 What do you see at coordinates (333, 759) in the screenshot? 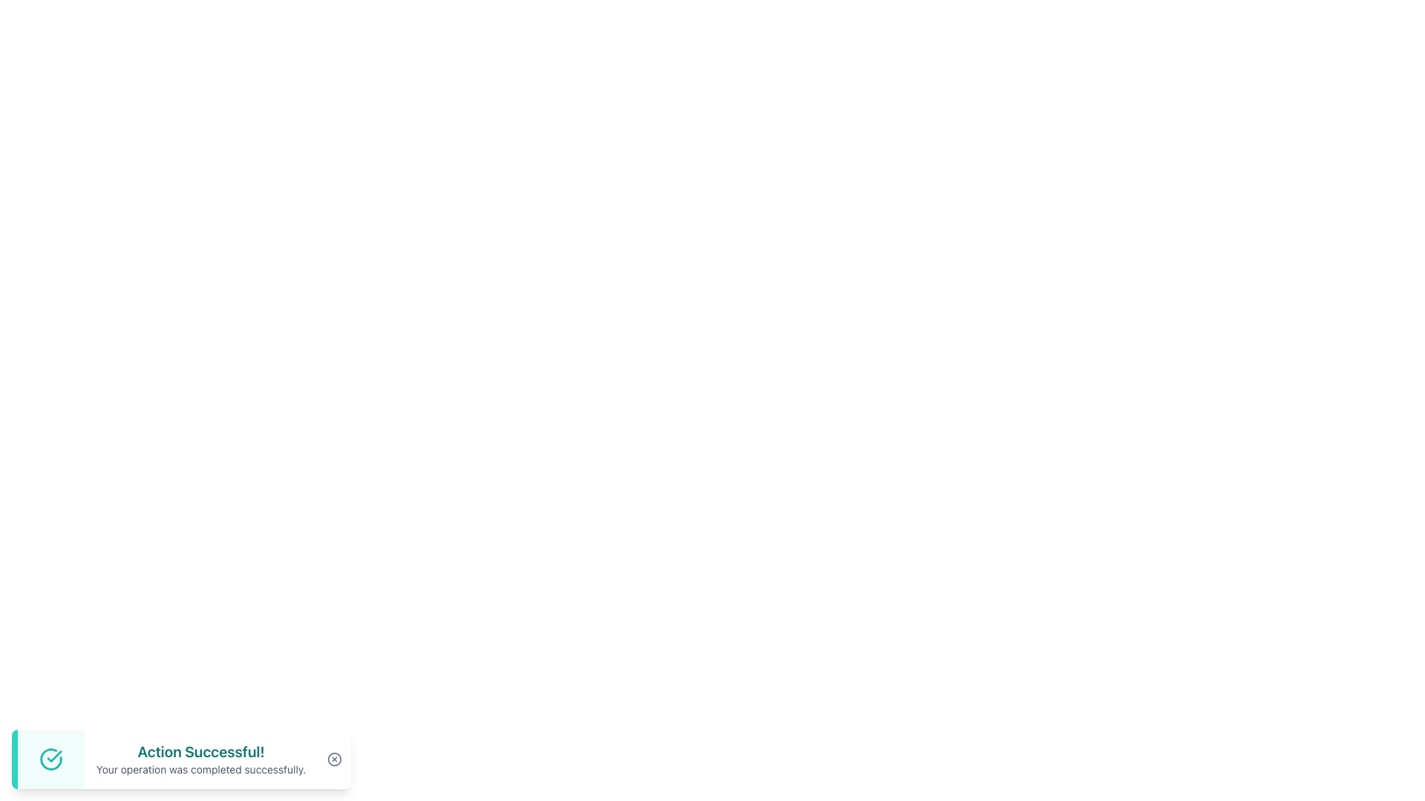
I see `the circular icon button with a thin gray border and a cross inside, located at the far-right edge of the notification message box to change the icon color` at bounding box center [333, 759].